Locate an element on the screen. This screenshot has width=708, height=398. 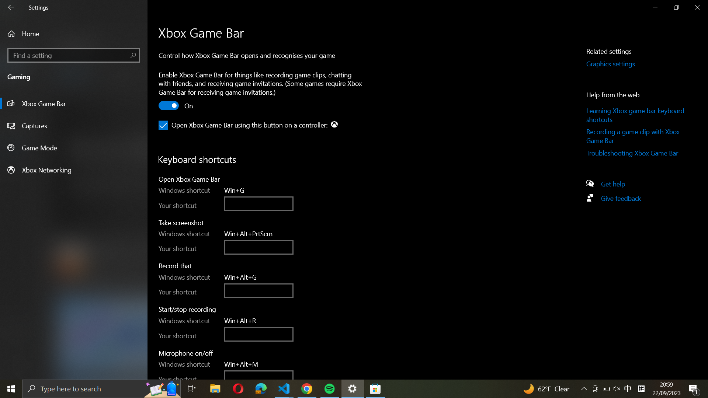
Locate and click on the feedback submission page is located at coordinates (617, 200).